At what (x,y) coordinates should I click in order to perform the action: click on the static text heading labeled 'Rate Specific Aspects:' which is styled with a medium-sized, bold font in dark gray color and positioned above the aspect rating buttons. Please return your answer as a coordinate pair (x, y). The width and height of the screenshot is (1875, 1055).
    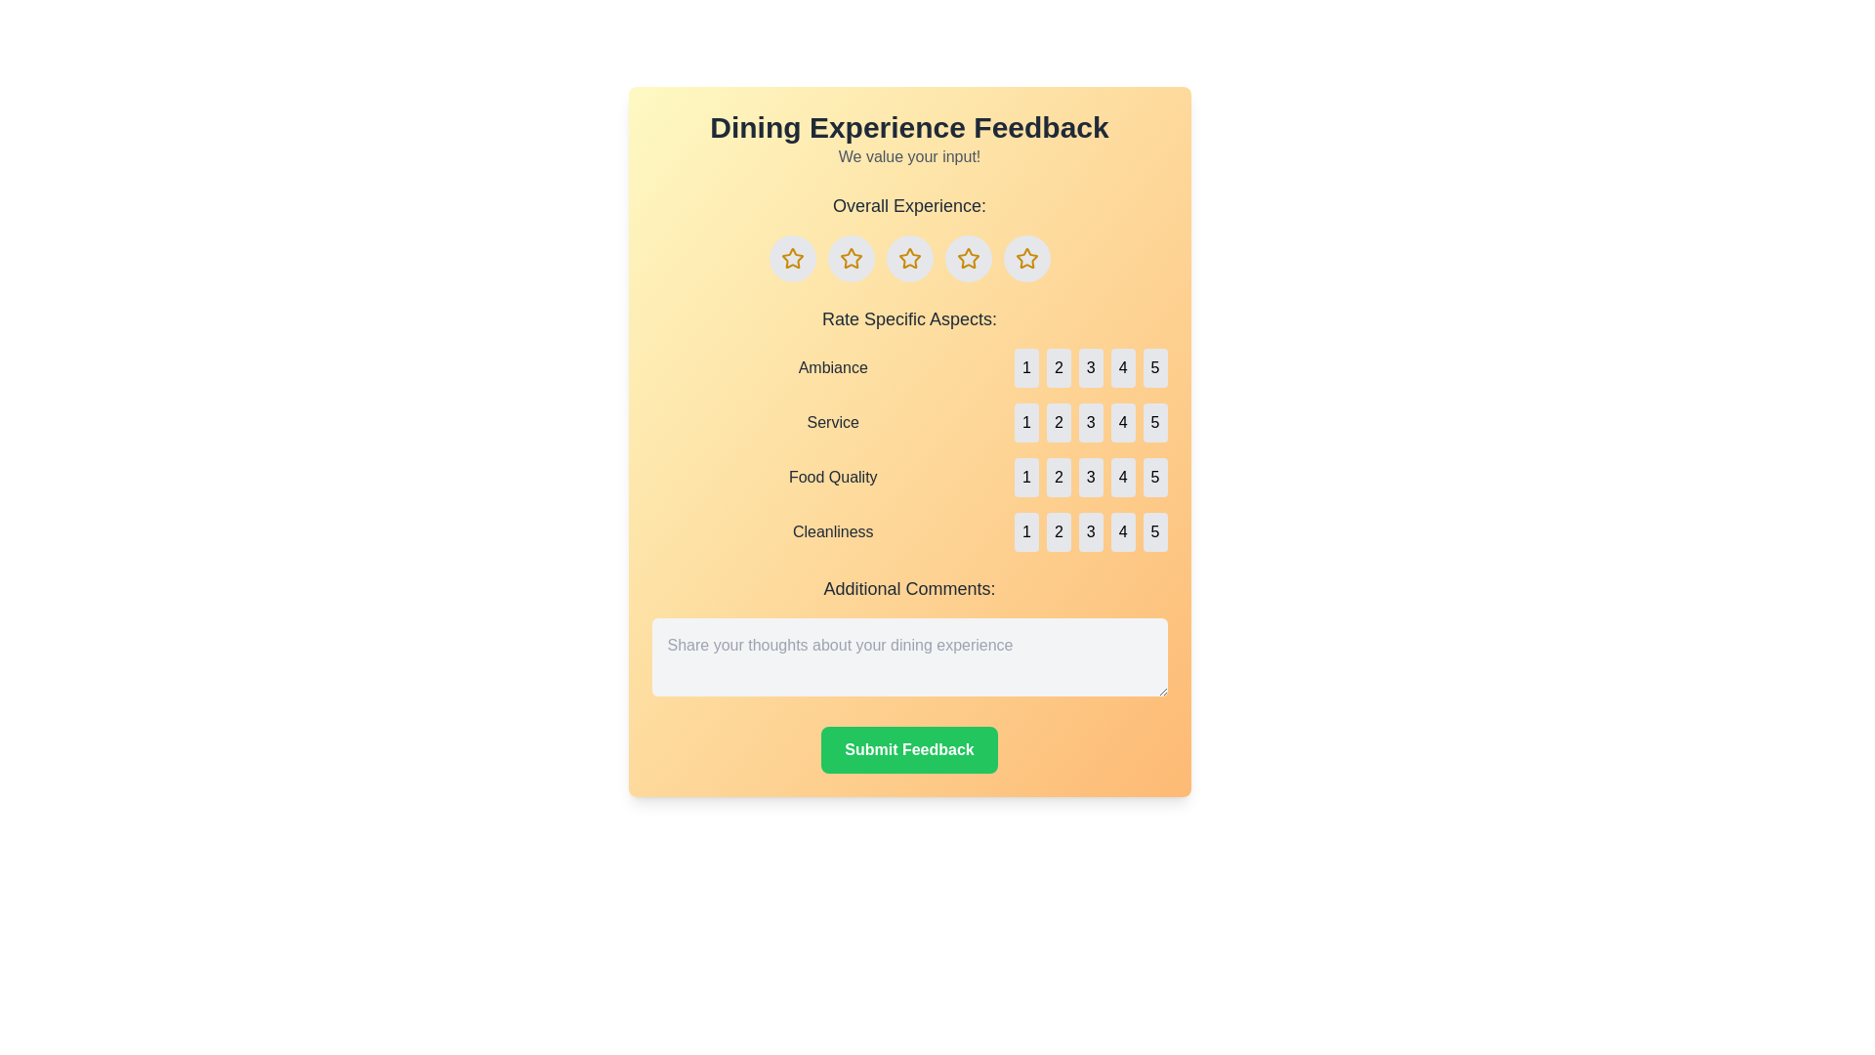
    Looking at the image, I should click on (908, 318).